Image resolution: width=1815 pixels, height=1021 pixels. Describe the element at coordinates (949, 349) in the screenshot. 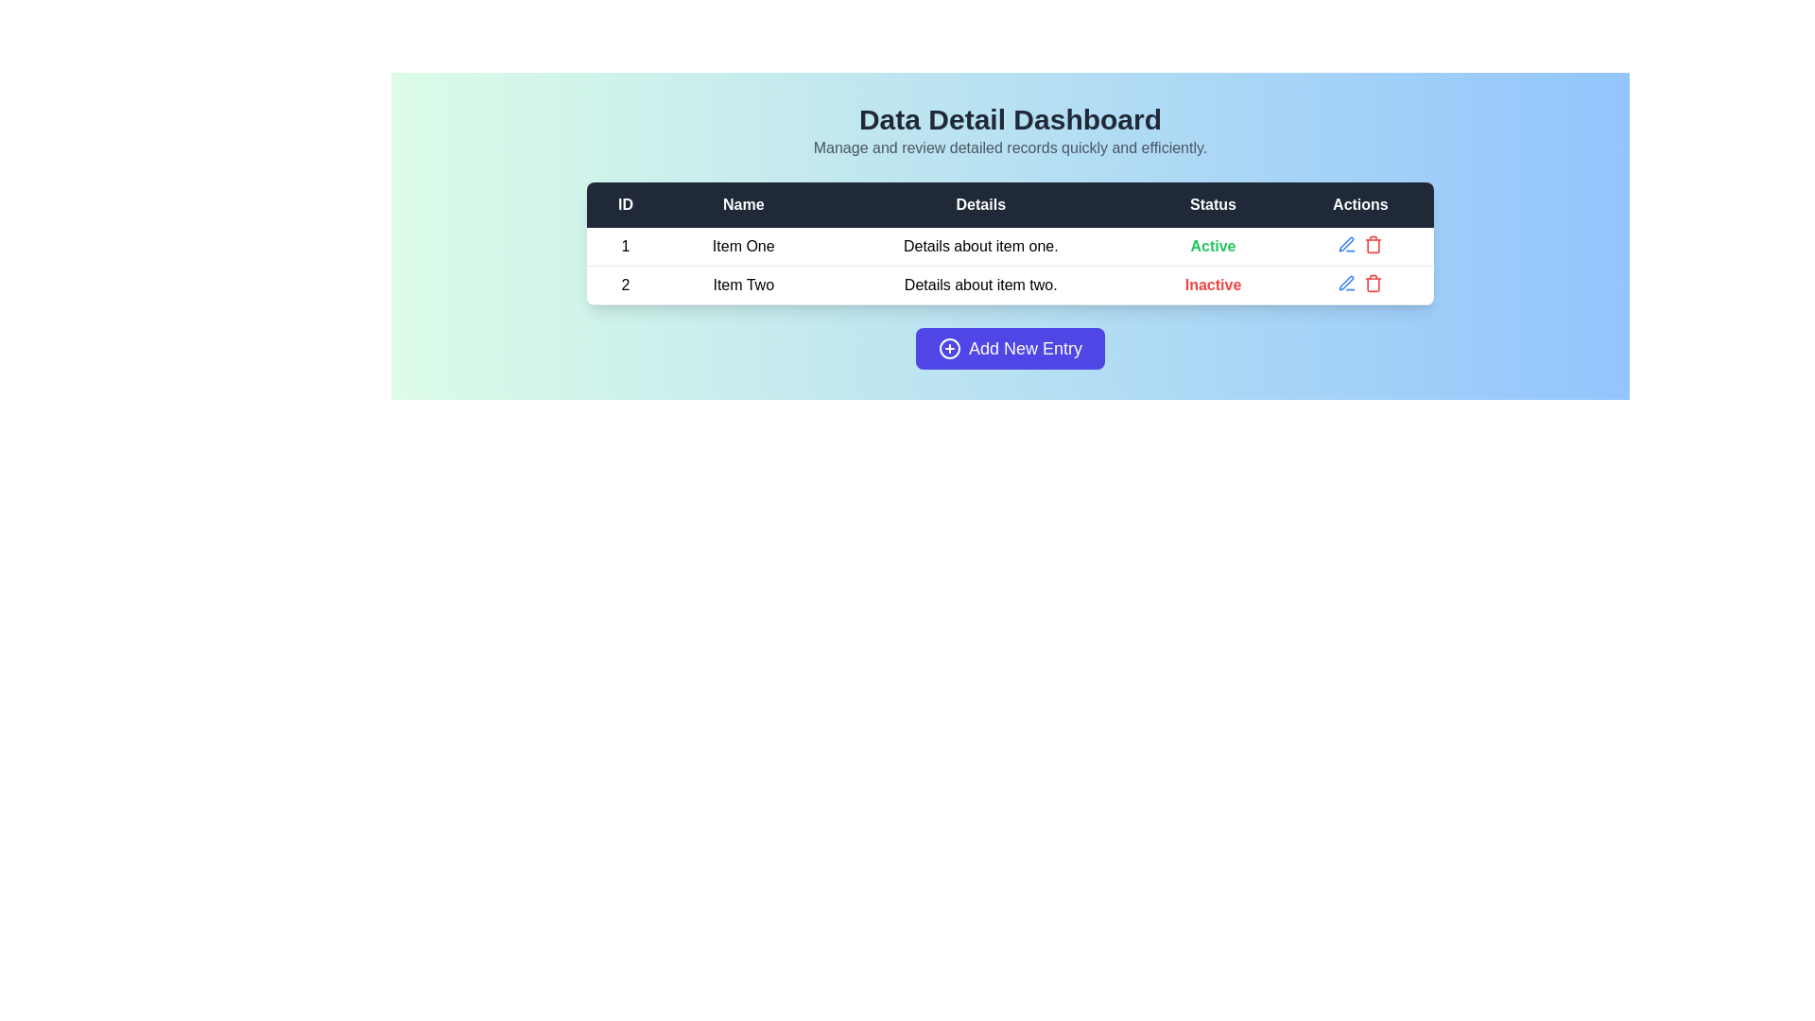

I see `the circular plus icon inside the 'Add New Entry' button, which has a deep indigo background and white text` at that location.